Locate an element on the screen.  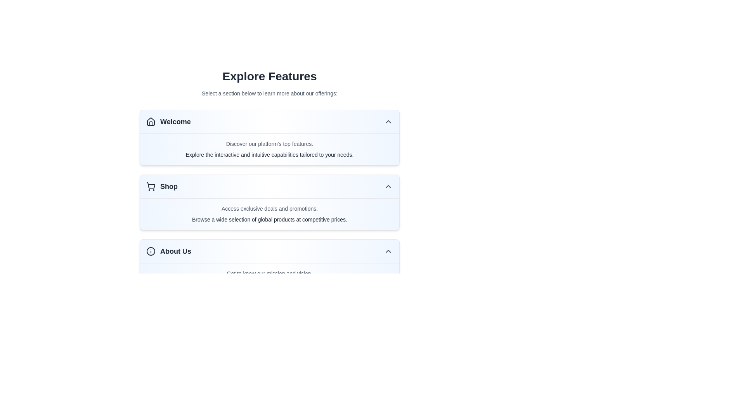
the 'Welcome' icon, which is located next to the 'Welcome' text label in the first card of the interface, positioned at the topmost section among three cards is located at coordinates (151, 121).